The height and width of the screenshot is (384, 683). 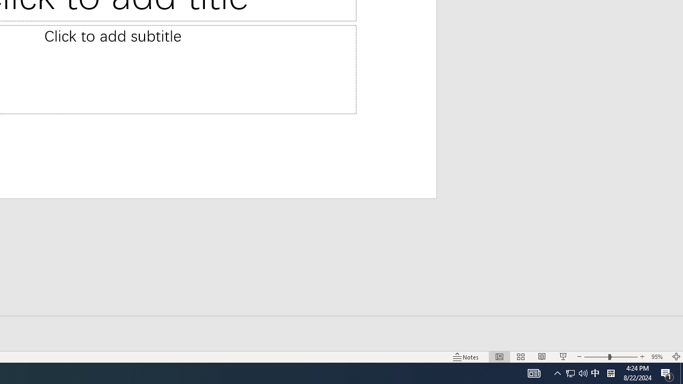 What do you see at coordinates (658, 357) in the screenshot?
I see `'Zoom 95%'` at bounding box center [658, 357].